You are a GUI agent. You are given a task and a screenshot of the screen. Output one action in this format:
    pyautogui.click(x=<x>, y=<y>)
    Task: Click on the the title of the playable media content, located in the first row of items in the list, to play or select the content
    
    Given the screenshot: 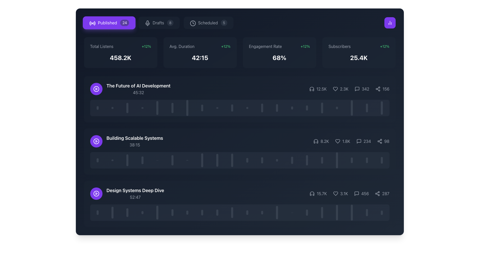 What is the action you would take?
    pyautogui.click(x=138, y=89)
    